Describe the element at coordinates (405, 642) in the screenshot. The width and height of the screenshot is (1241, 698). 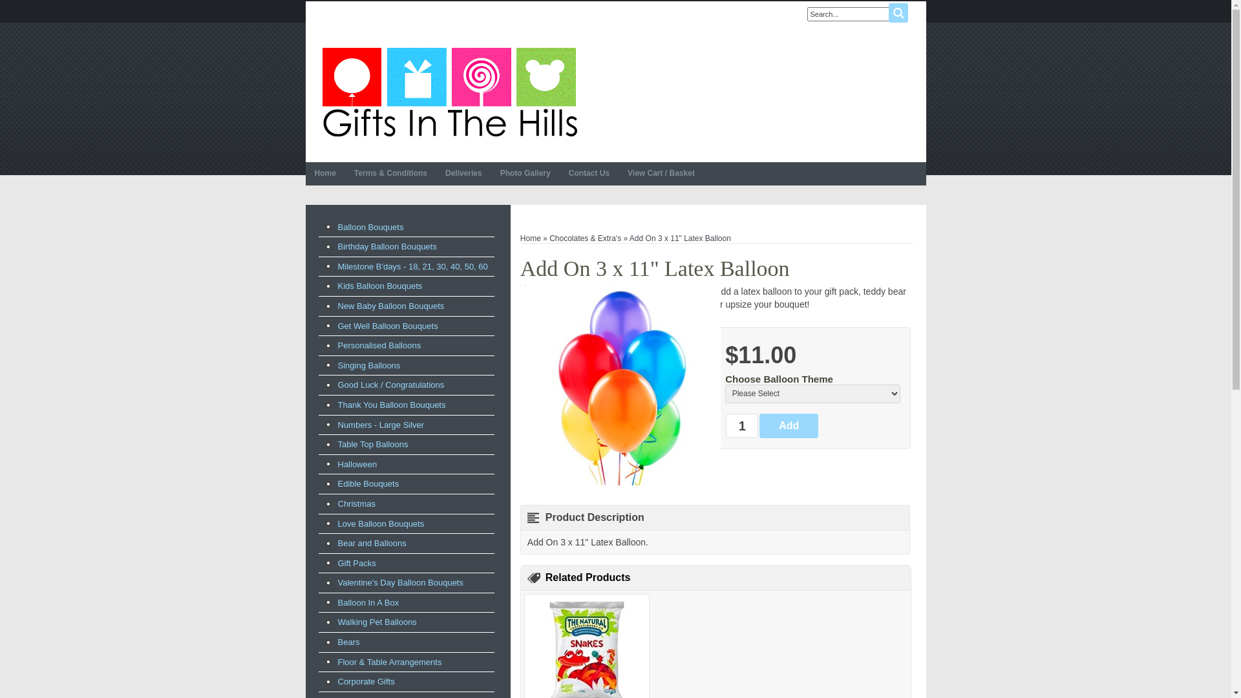
I see `'Bears'` at that location.